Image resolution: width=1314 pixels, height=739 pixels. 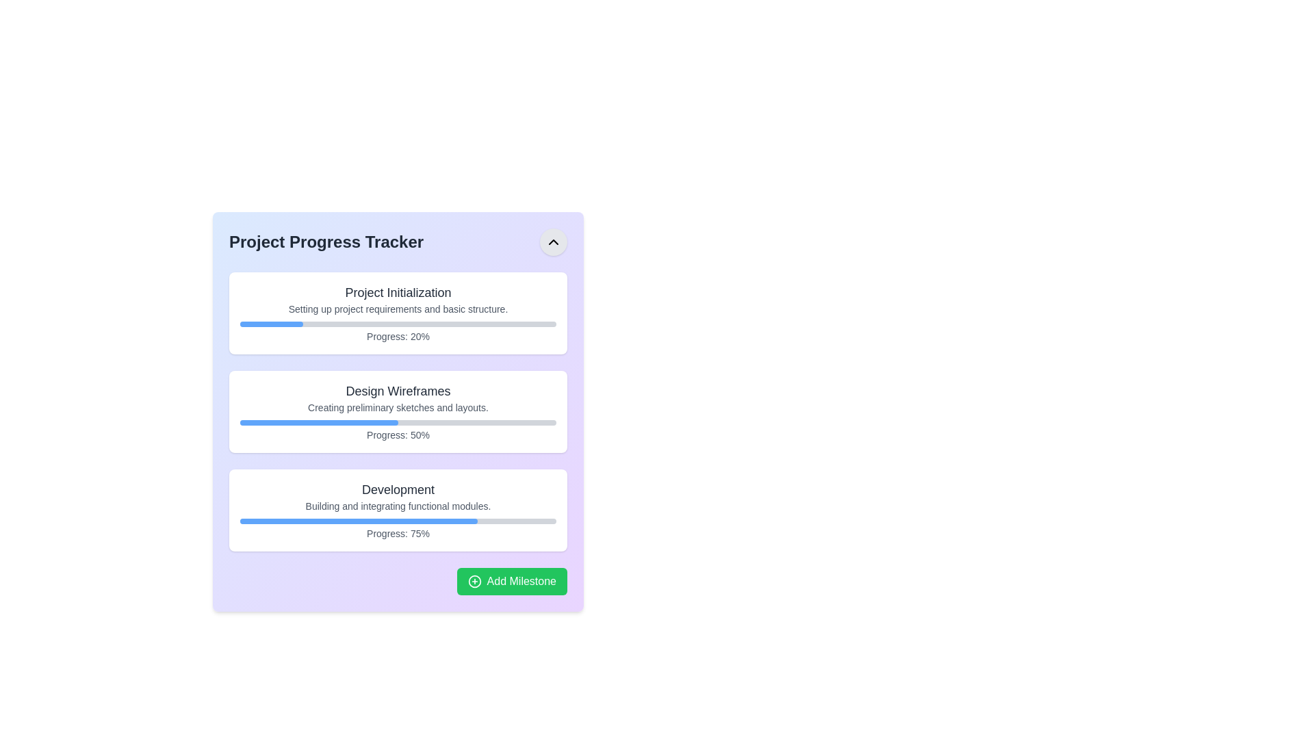 I want to click on the progress visually by focusing on the progress bar that represents the completion level of the 'Project Initialization' task, located within the white card labeled 'Project Initialization', so click(x=397, y=324).